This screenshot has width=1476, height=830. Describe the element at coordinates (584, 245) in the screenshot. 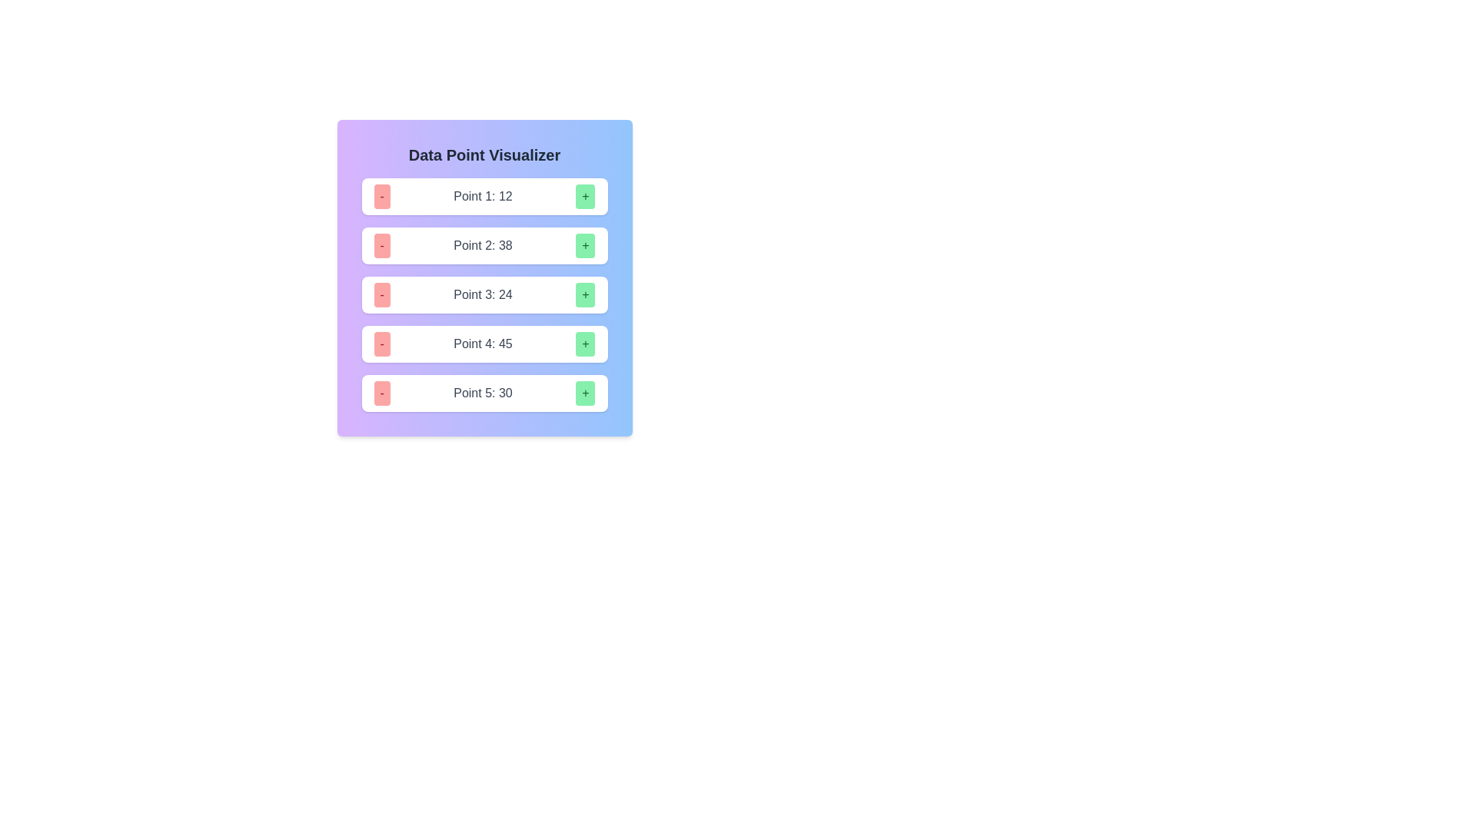

I see `the green button with a plus symbol located on the right side of the second row under the 'Data Point Visualizer' heading` at that location.